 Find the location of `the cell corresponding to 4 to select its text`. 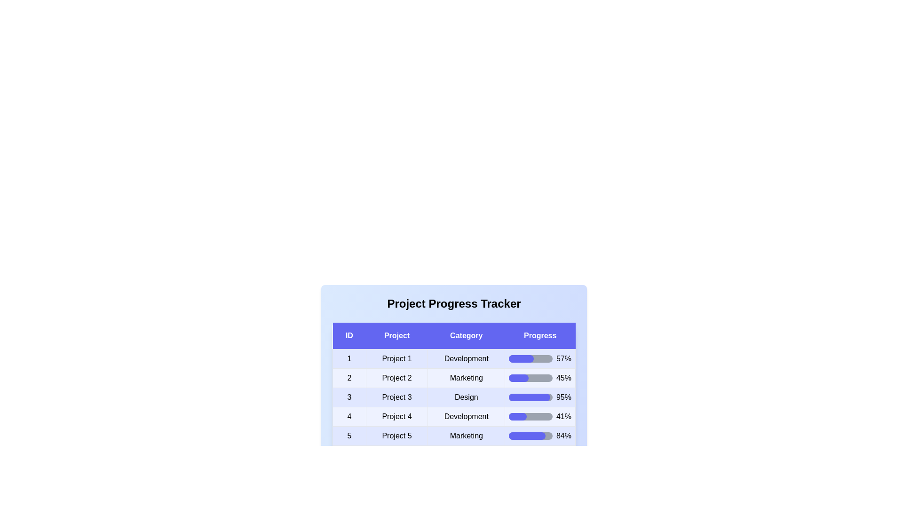

the cell corresponding to 4 to select its text is located at coordinates (349, 416).